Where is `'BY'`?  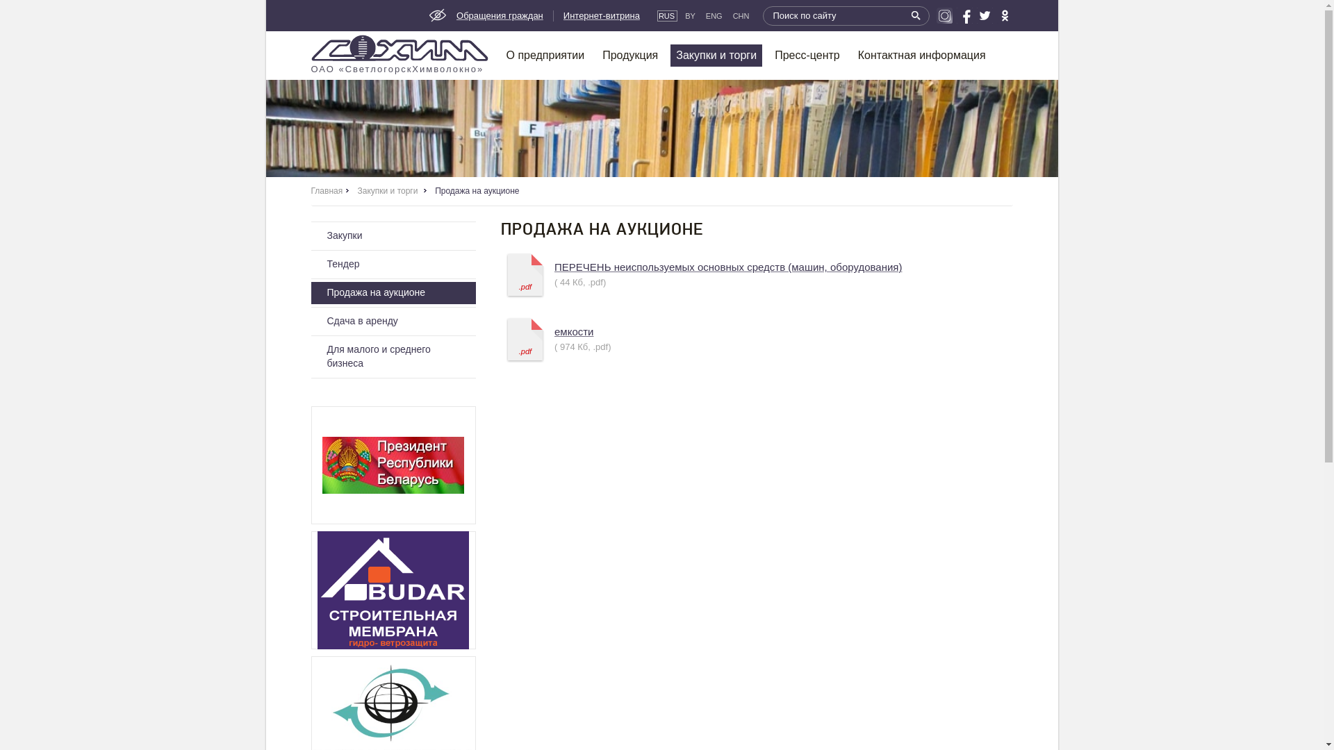
'BY' is located at coordinates (691, 15).